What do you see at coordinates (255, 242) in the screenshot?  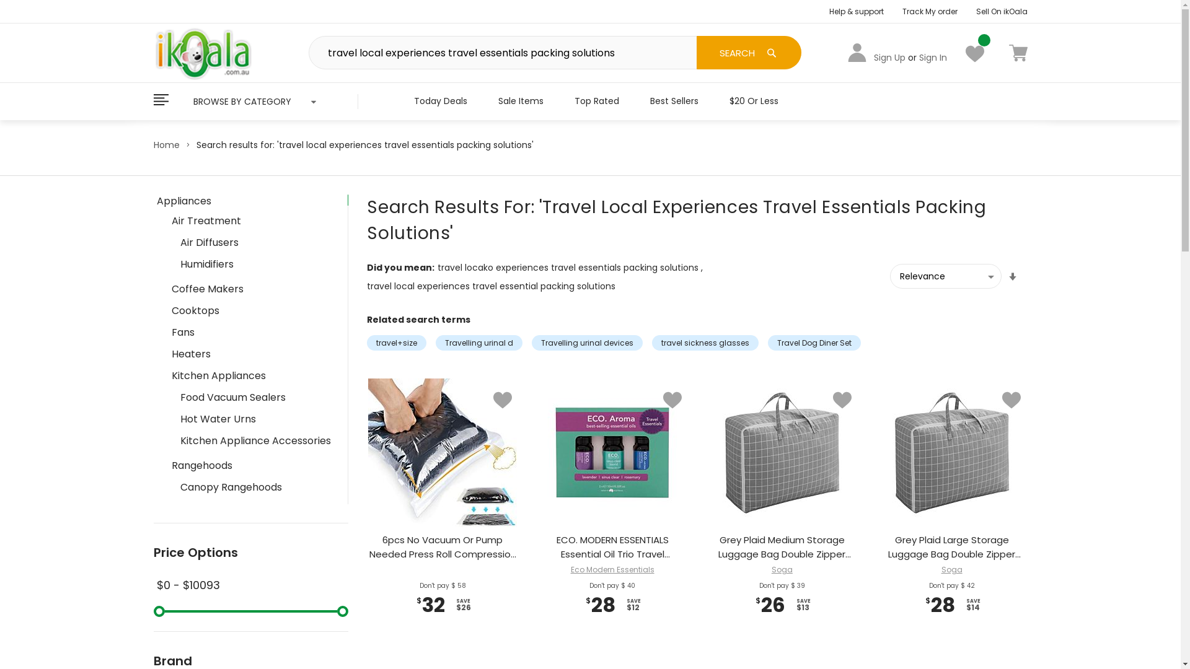 I see `'Air Diffusers'` at bounding box center [255, 242].